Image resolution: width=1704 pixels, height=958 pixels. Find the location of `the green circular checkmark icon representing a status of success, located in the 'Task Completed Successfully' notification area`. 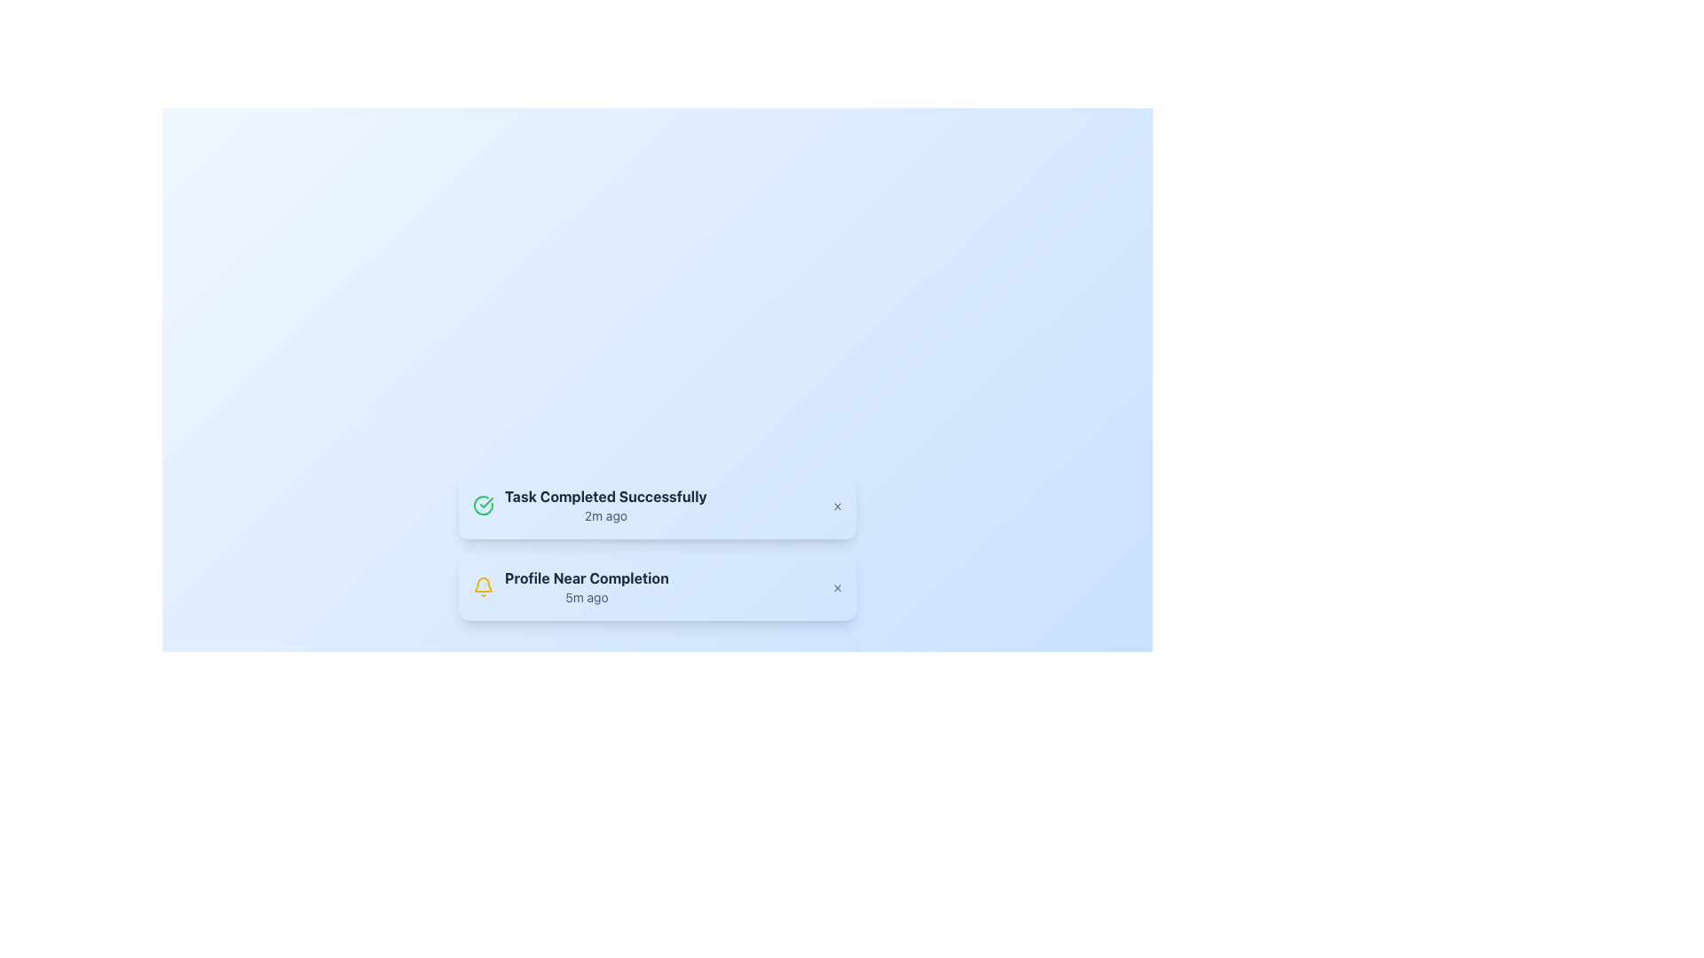

the green circular checkmark icon representing a status of success, located in the 'Task Completed Successfully' notification area is located at coordinates (484, 506).